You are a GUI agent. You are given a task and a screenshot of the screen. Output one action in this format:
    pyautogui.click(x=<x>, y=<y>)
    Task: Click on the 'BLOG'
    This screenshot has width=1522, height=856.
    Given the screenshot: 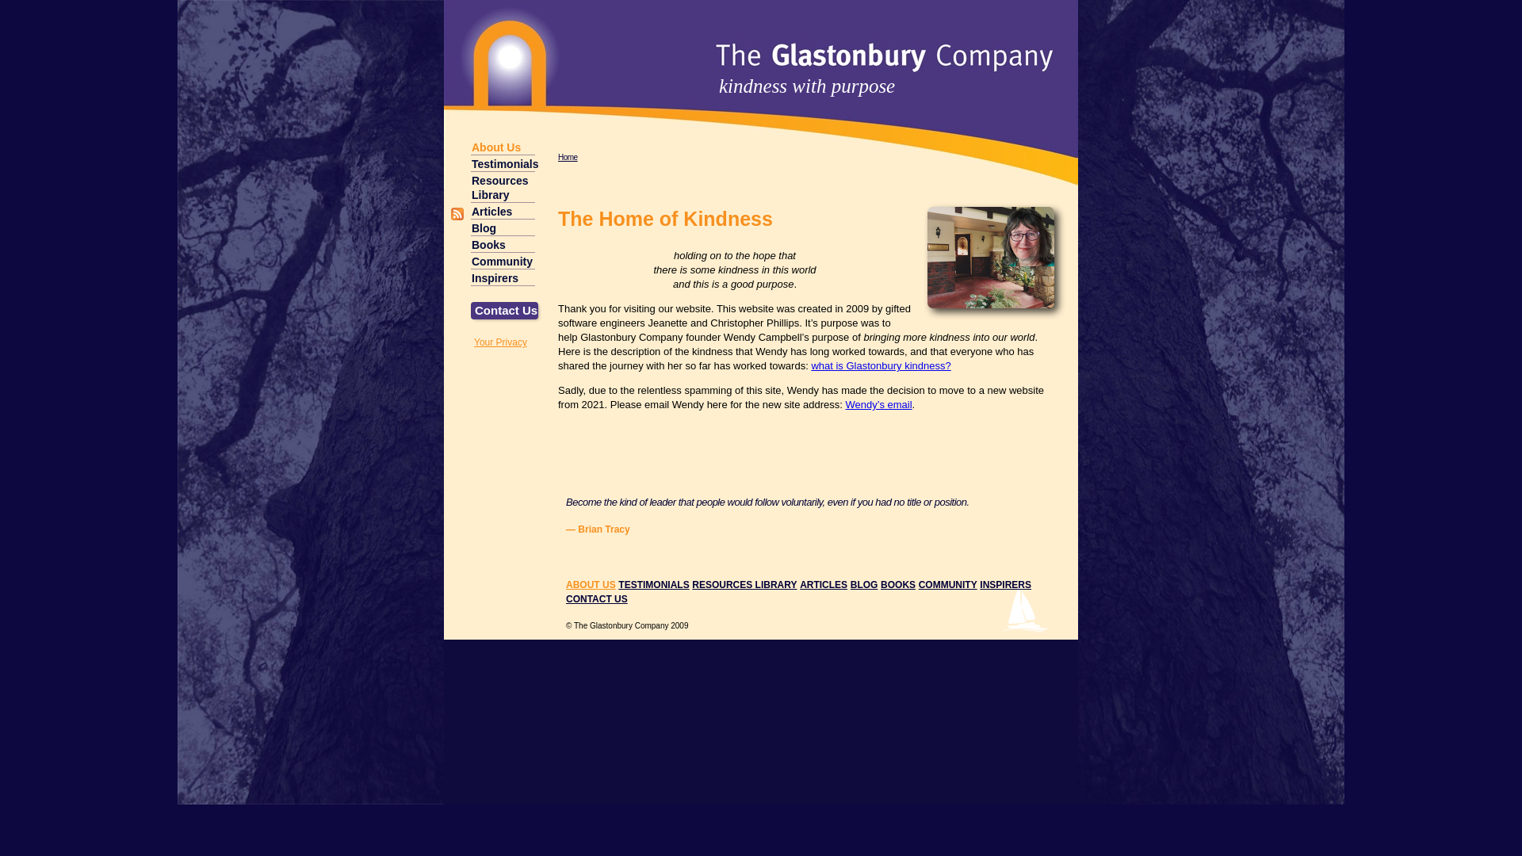 What is the action you would take?
    pyautogui.click(x=863, y=584)
    